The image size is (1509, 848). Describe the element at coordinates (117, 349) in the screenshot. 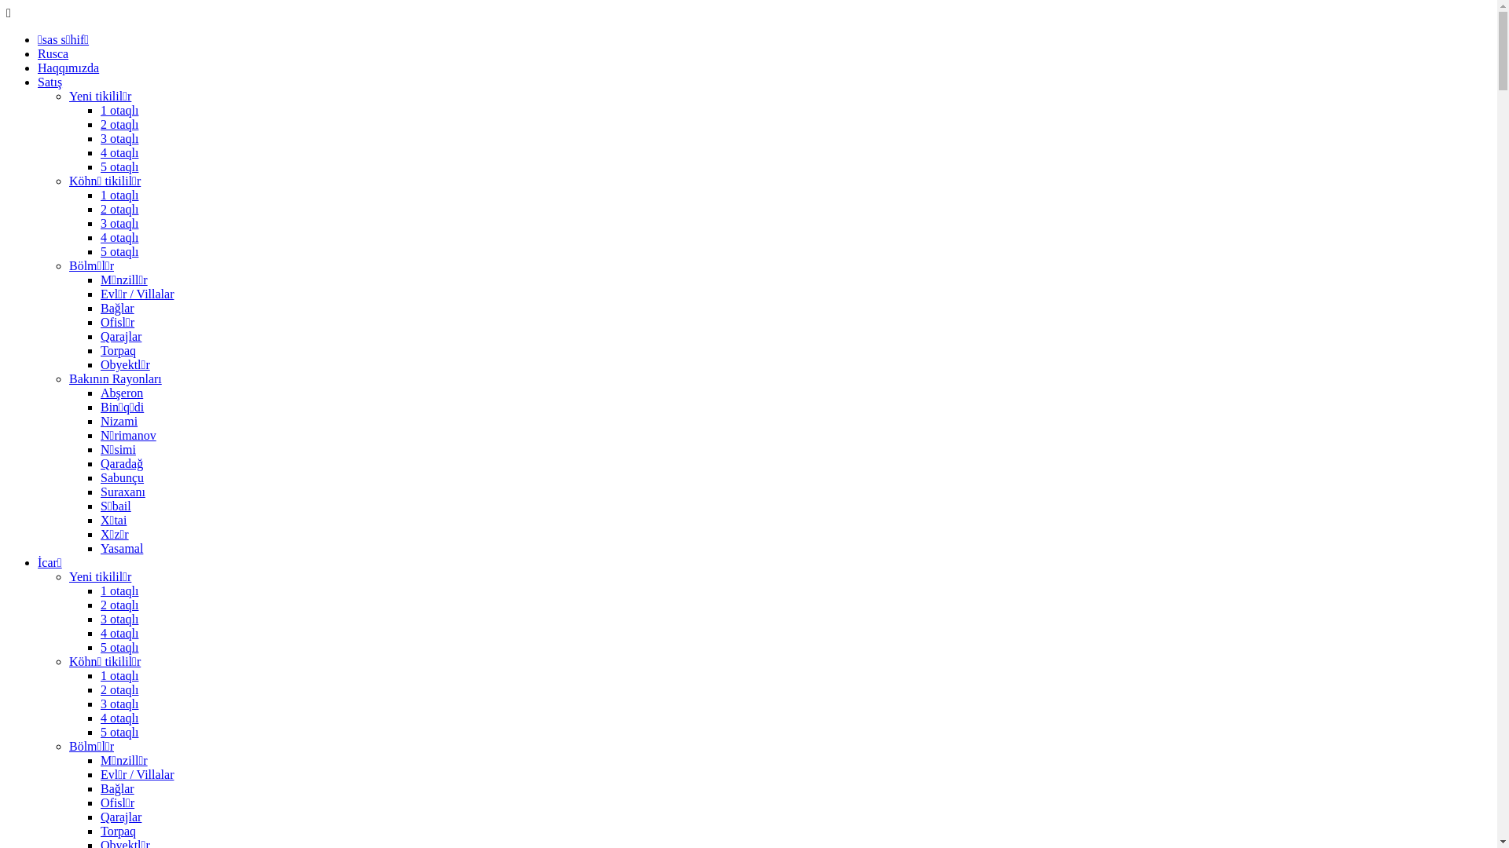

I see `'Torpaq'` at that location.